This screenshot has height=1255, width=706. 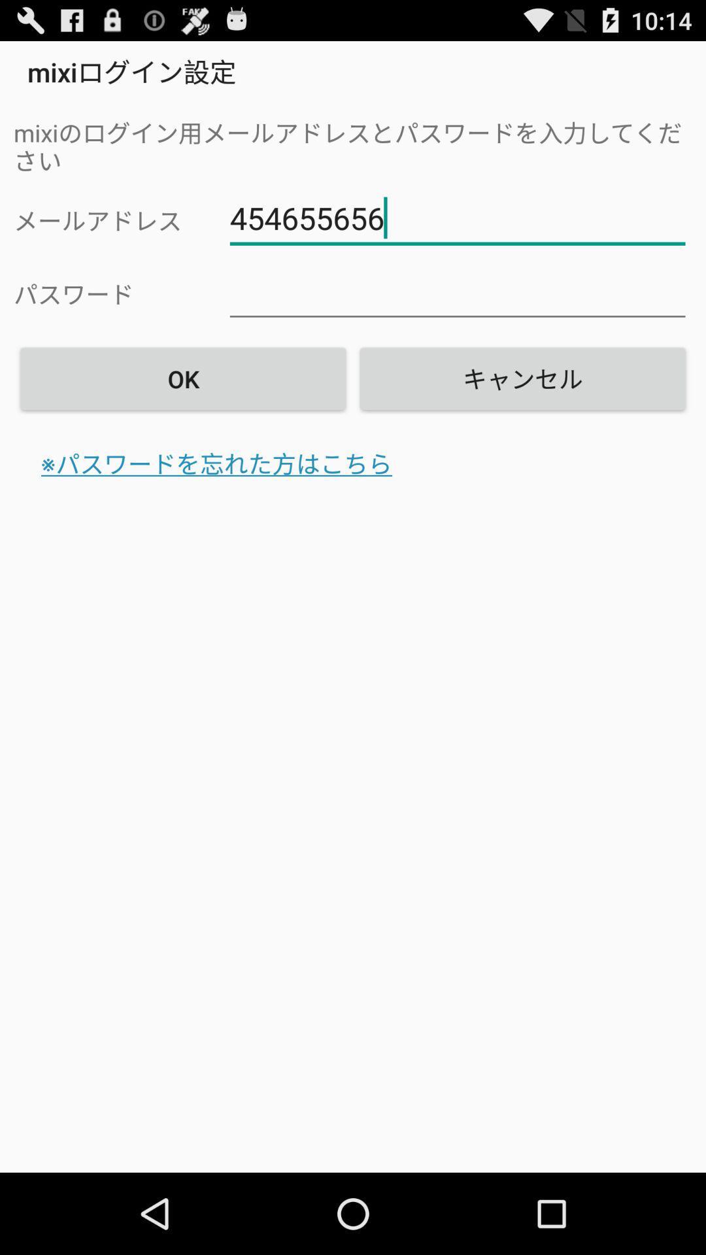 I want to click on the item above ok item, so click(x=457, y=218).